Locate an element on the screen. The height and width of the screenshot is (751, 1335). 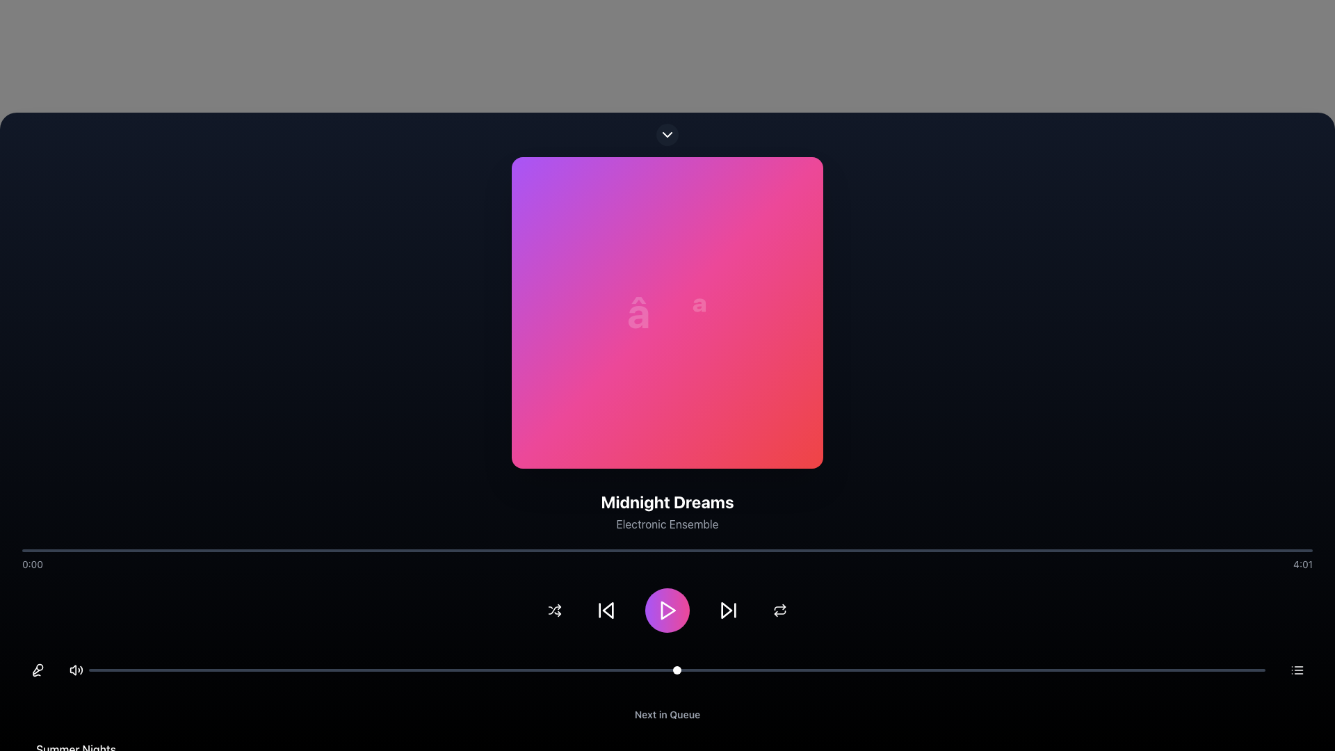
the slider value is located at coordinates (677, 670).